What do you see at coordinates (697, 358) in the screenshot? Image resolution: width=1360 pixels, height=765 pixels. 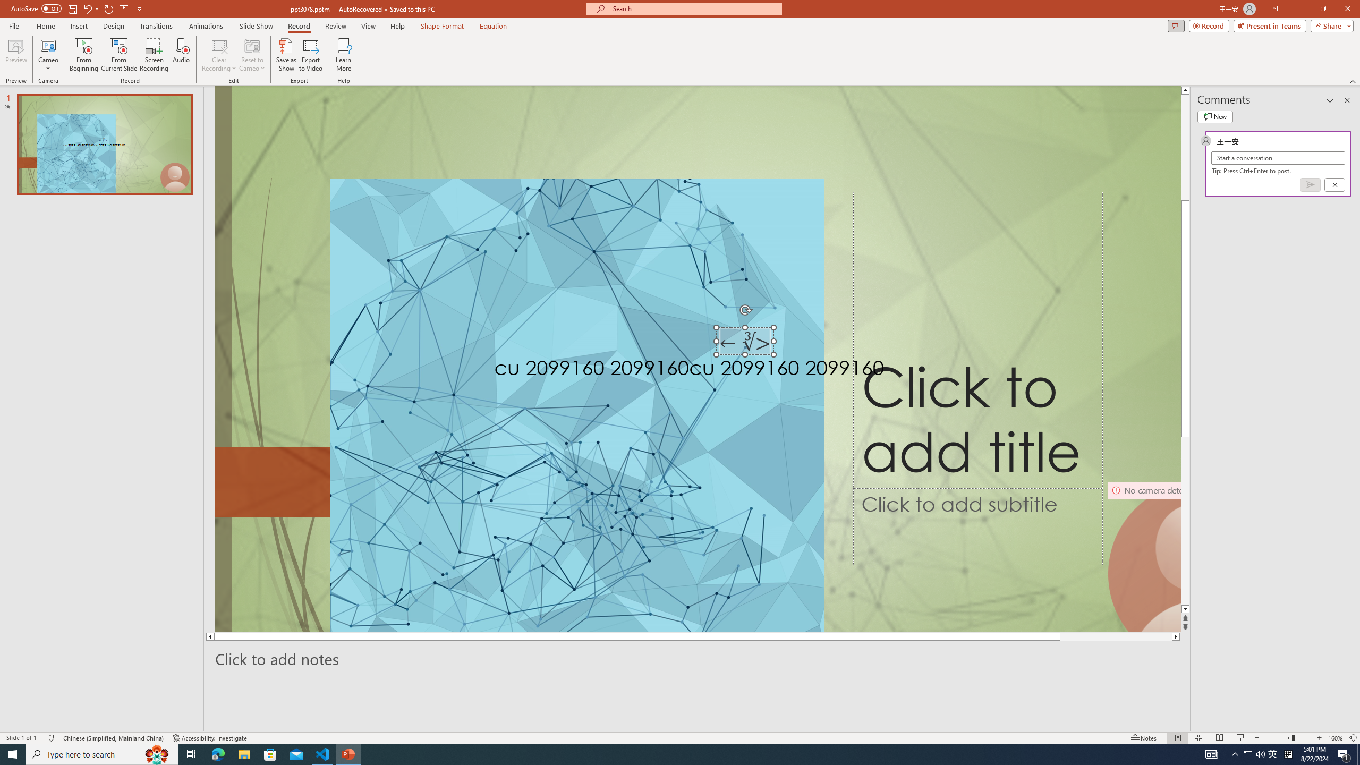 I see `'An abstract genetic concept'` at bounding box center [697, 358].